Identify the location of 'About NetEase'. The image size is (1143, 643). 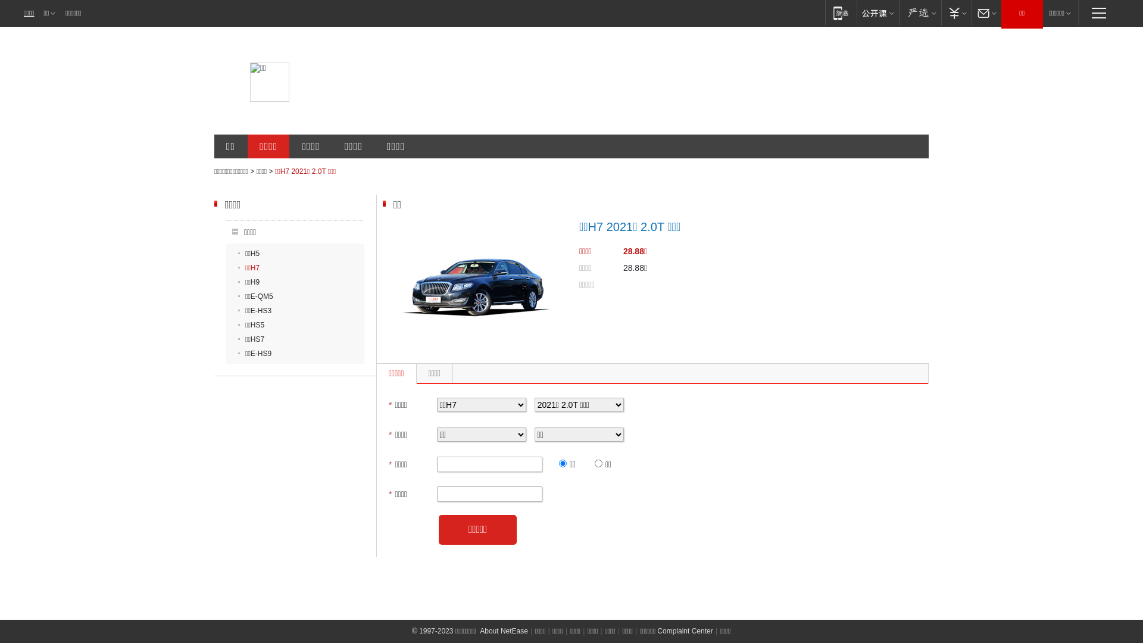
(504, 630).